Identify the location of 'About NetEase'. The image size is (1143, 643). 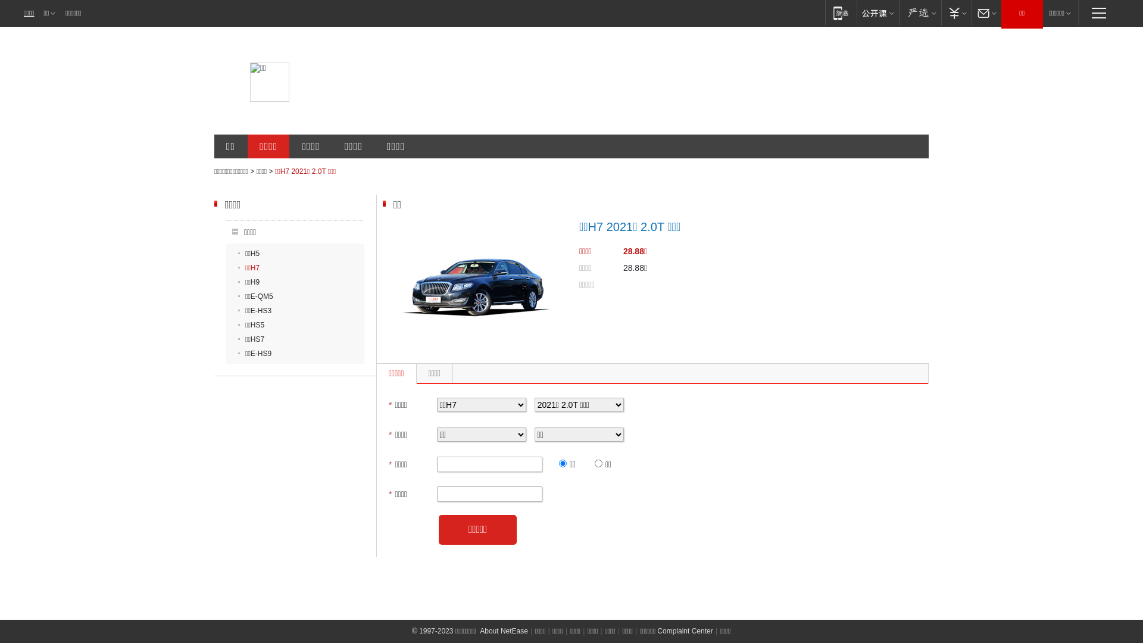
(504, 630).